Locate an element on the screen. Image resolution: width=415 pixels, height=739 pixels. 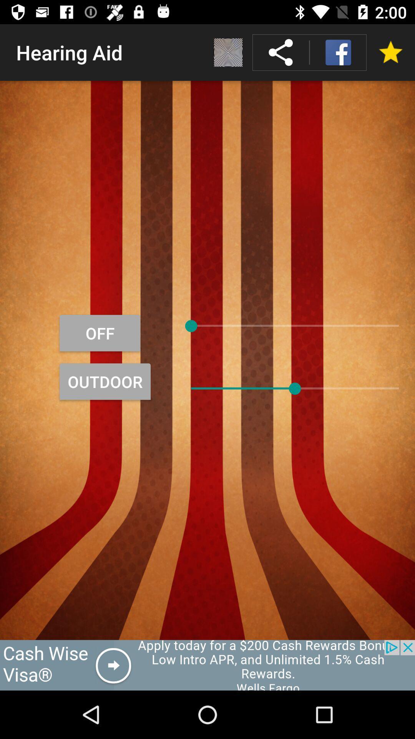
rewards advertisement window is located at coordinates (207, 665).